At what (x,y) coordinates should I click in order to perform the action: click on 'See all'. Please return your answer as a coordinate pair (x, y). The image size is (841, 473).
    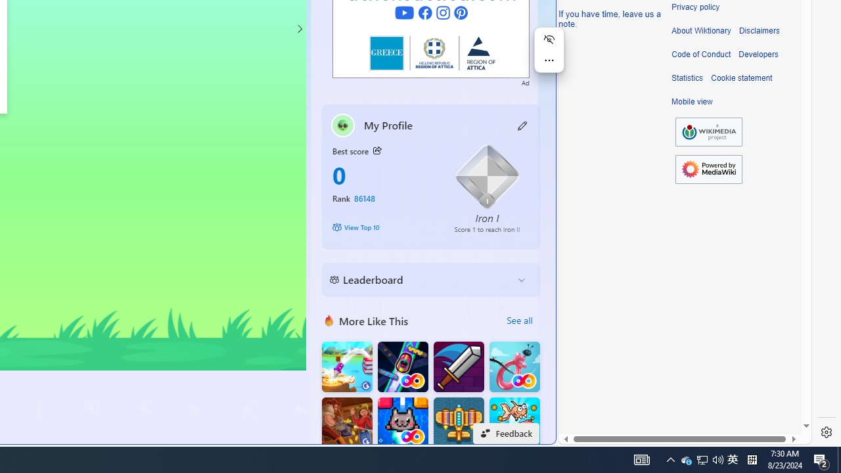
    Looking at the image, I should click on (519, 321).